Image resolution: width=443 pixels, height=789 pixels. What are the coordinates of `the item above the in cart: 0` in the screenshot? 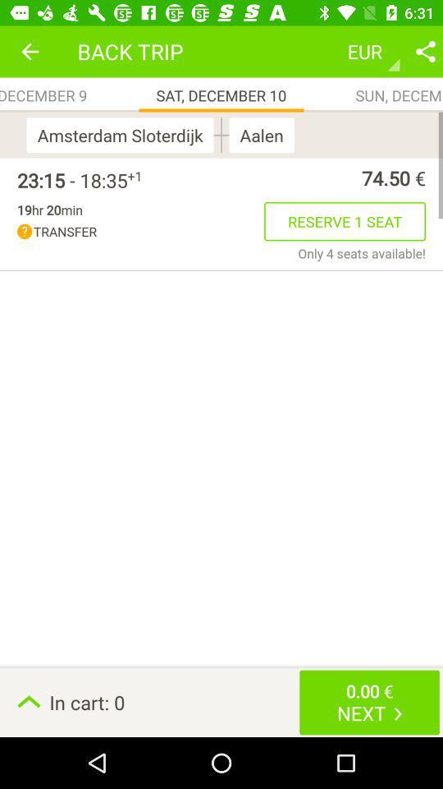 It's located at (362, 253).